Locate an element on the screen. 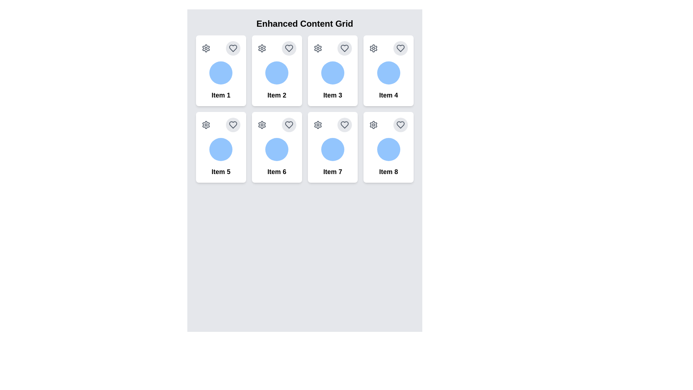 This screenshot has width=693, height=390. the text label that displays 'Item 5', which is located at the bottom-center of the card for 'Item 5' is located at coordinates (221, 172).